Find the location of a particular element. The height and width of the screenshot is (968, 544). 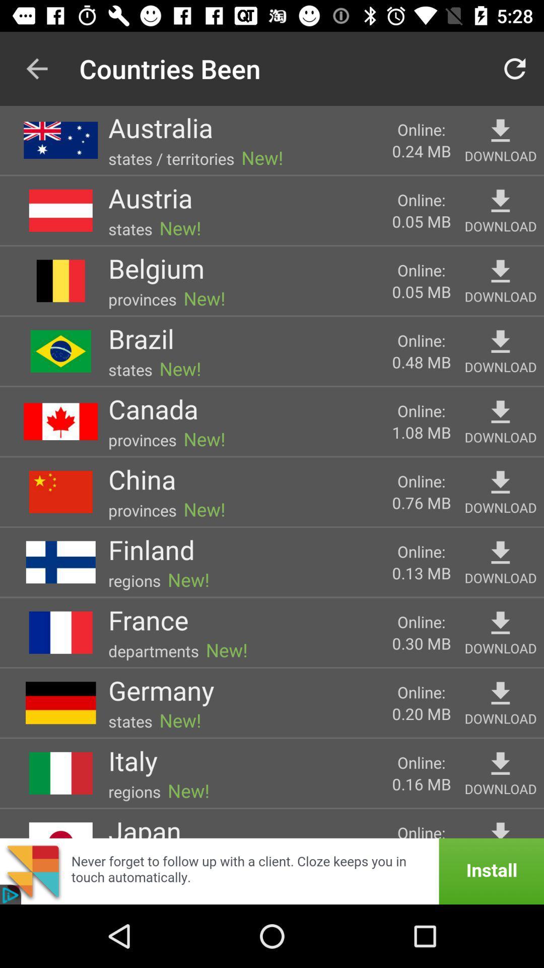

download button is located at coordinates (500, 412).